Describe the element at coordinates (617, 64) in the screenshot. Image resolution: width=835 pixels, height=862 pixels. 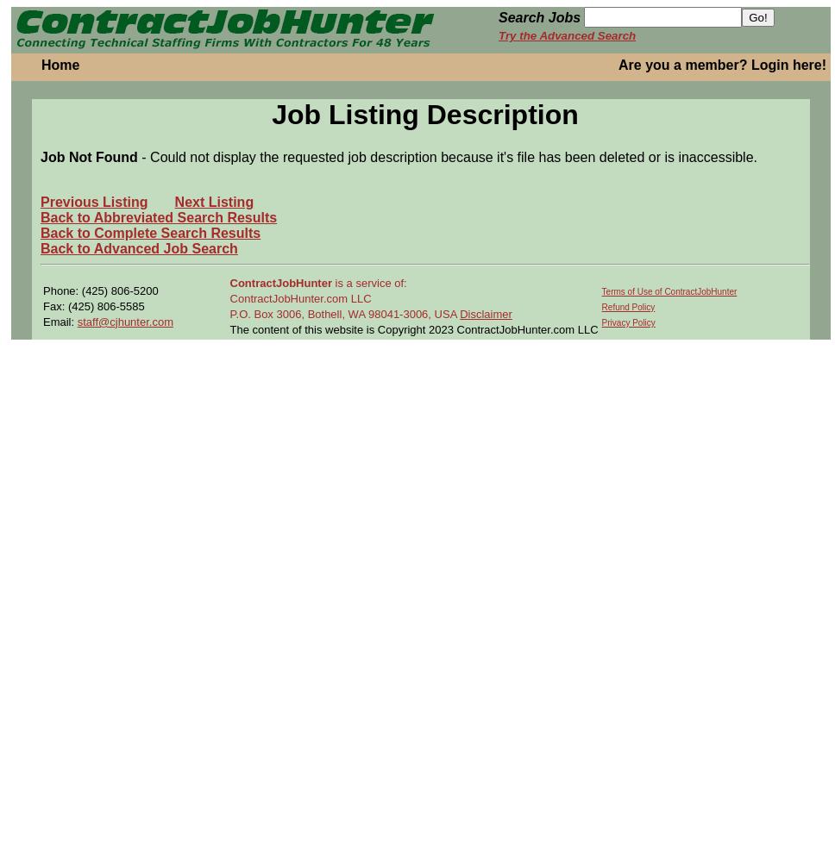
I see `'Are you a member? Login here!'` at that location.